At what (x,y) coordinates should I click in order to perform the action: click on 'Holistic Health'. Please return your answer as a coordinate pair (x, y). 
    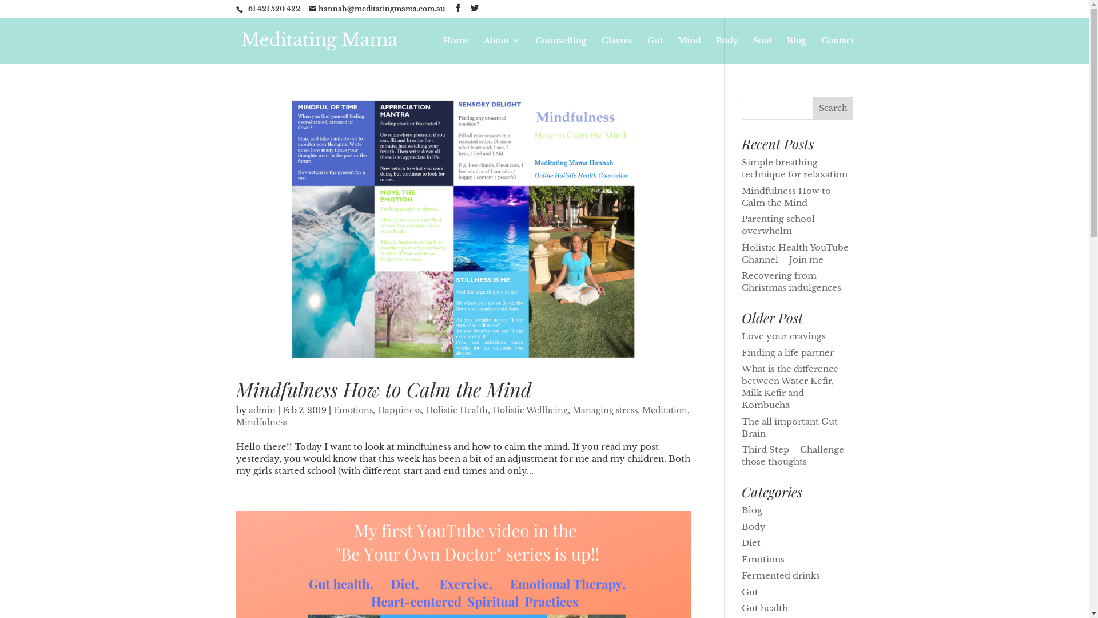
    Looking at the image, I should click on (425, 410).